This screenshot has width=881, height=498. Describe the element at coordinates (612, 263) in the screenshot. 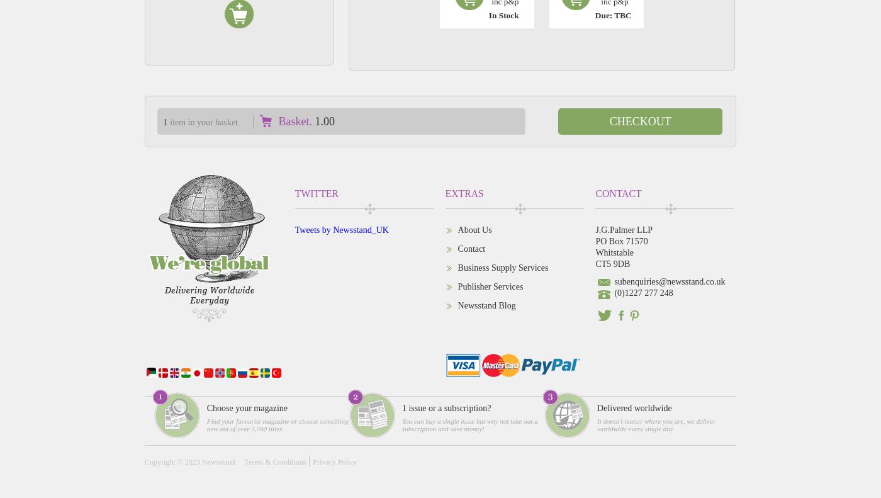

I see `'CT5 9DB'` at that location.